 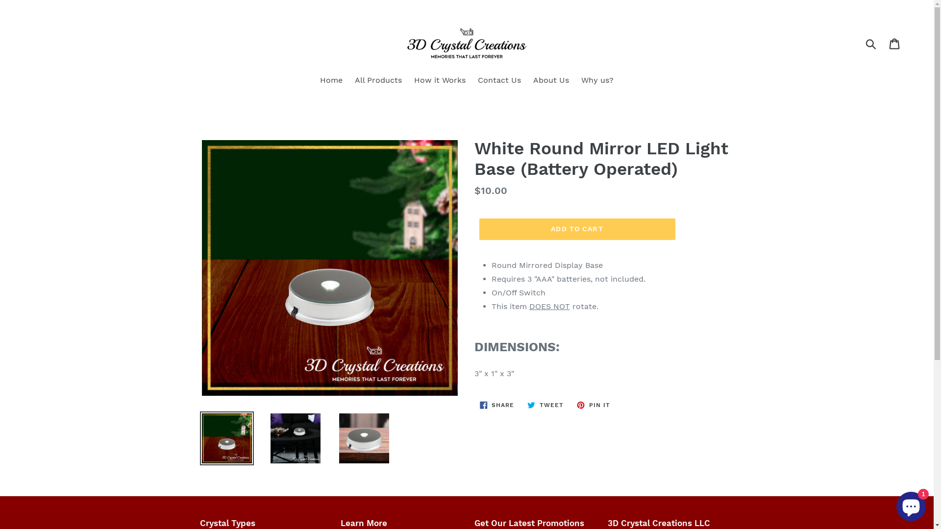 What do you see at coordinates (871, 43) in the screenshot?
I see `'Submit'` at bounding box center [871, 43].